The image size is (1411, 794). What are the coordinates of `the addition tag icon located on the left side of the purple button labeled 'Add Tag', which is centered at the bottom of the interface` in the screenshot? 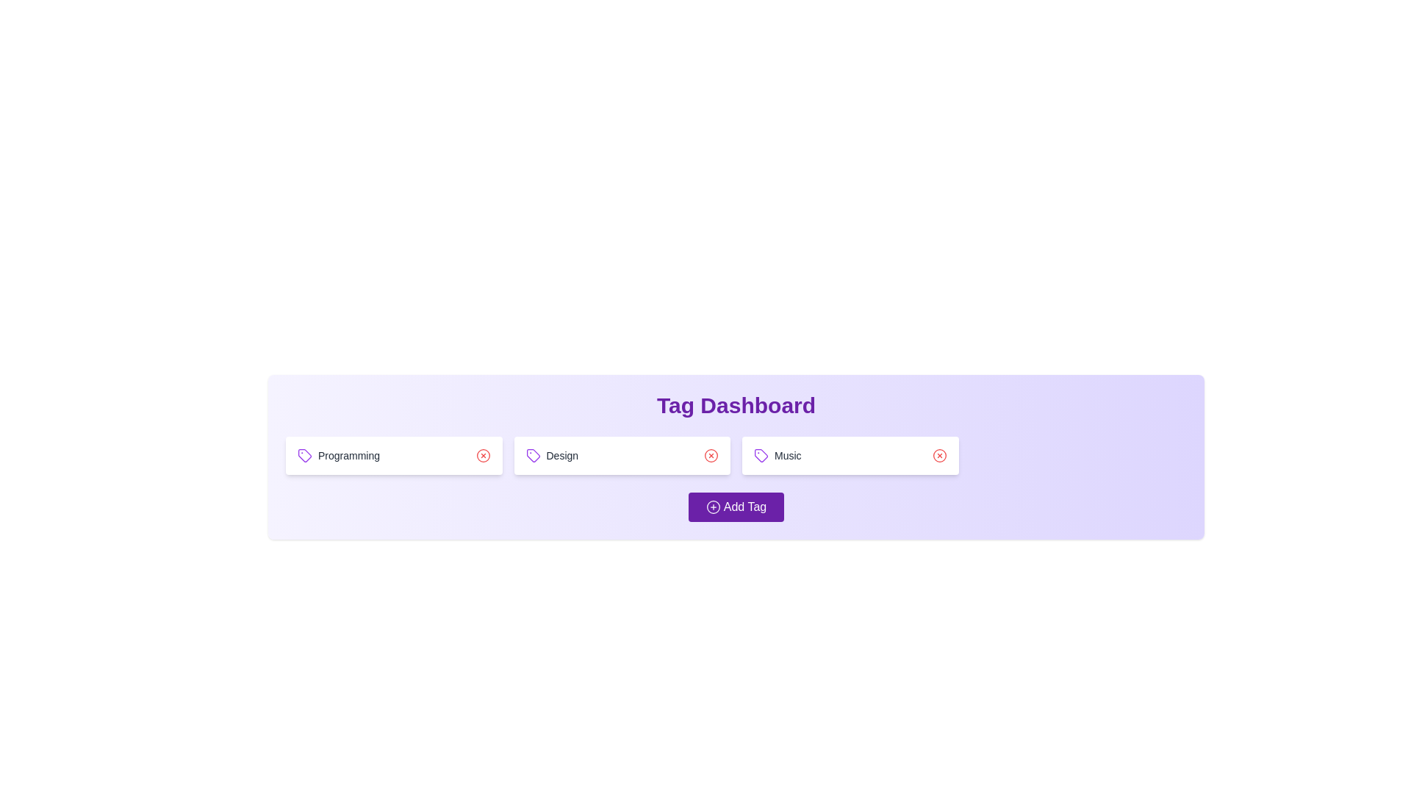 It's located at (713, 507).